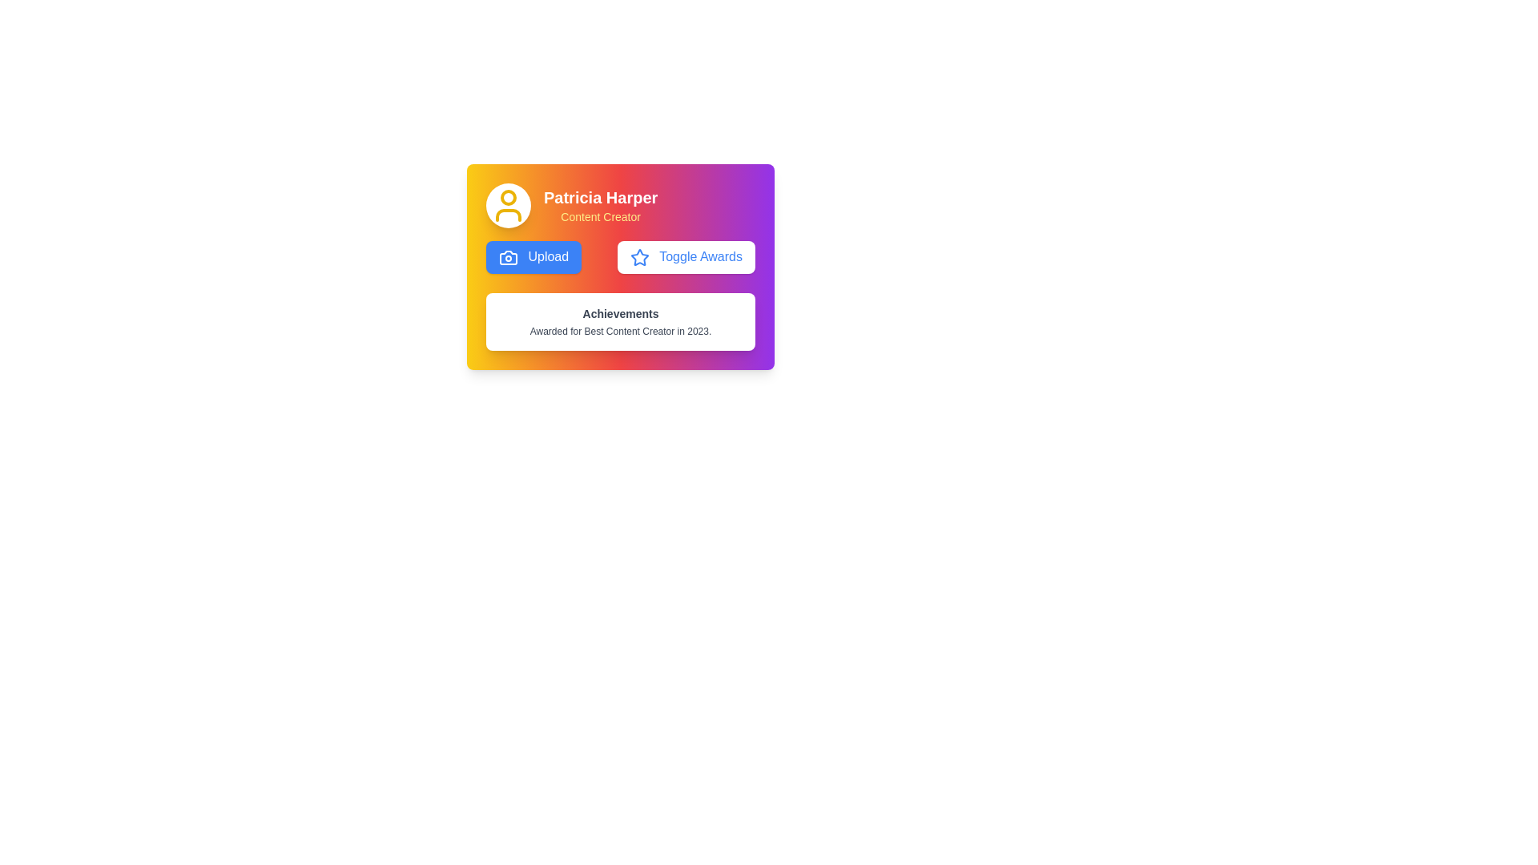 The height and width of the screenshot is (865, 1538). Describe the element at coordinates (600, 216) in the screenshot. I see `the Text Label displaying 'Content Creator', which is styled in yellow and located below 'Patricia Harper' in the profile details box` at that location.